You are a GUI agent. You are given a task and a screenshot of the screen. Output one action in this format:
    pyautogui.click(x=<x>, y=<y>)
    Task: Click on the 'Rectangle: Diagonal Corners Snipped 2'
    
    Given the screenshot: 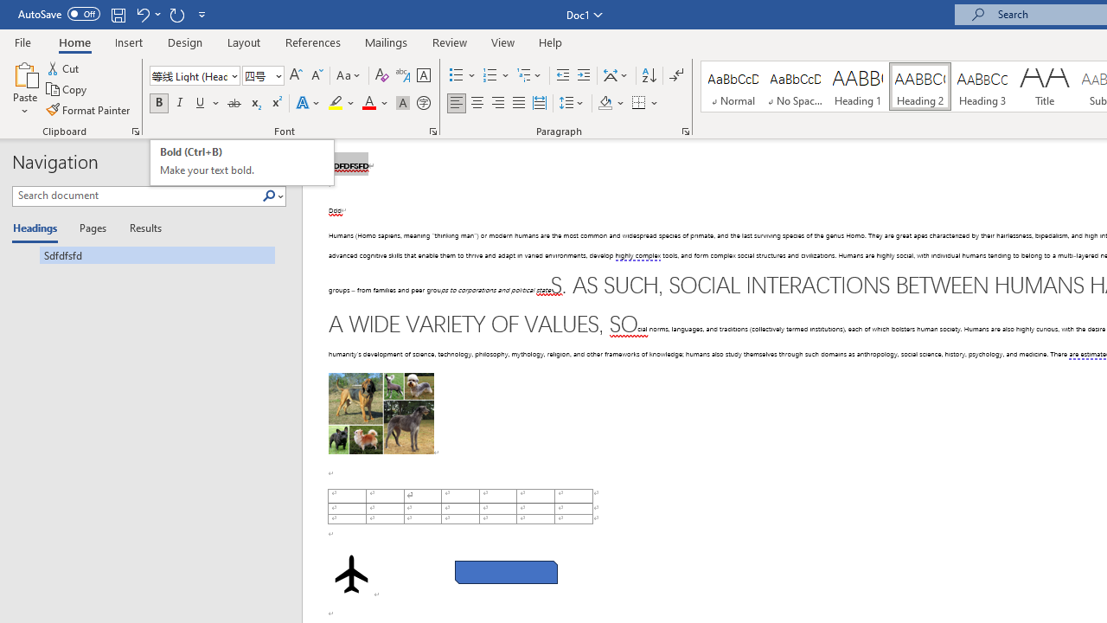 What is the action you would take?
    pyautogui.click(x=505, y=572)
    